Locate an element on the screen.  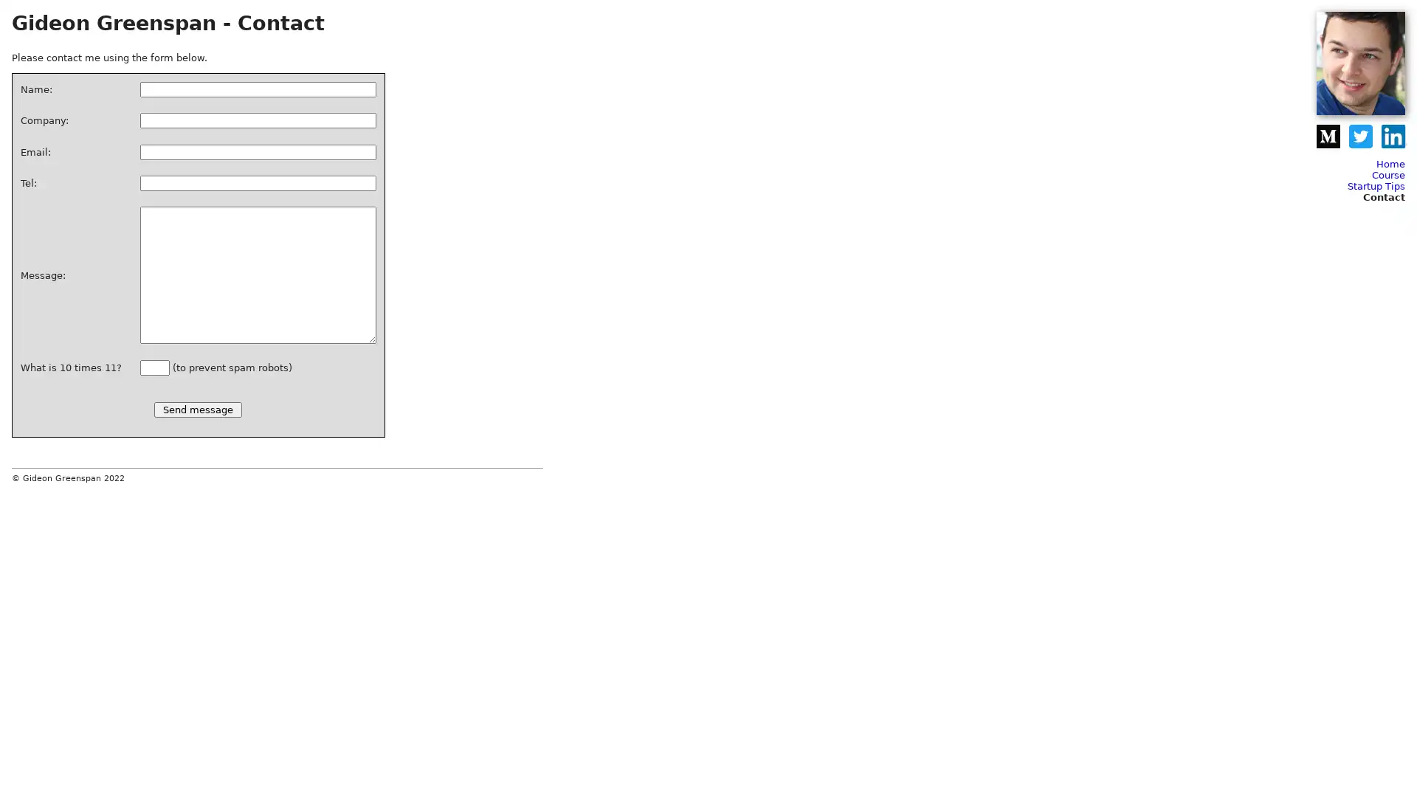
Send message is located at coordinates (197, 409).